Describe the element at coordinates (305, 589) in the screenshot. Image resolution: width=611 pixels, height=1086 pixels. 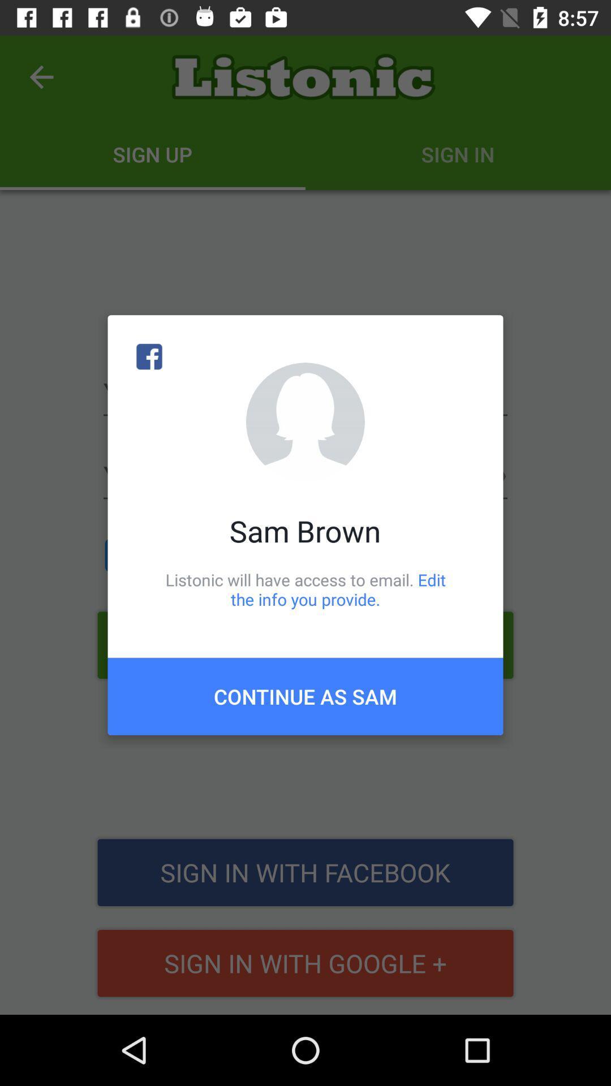
I see `the listonic will have` at that location.